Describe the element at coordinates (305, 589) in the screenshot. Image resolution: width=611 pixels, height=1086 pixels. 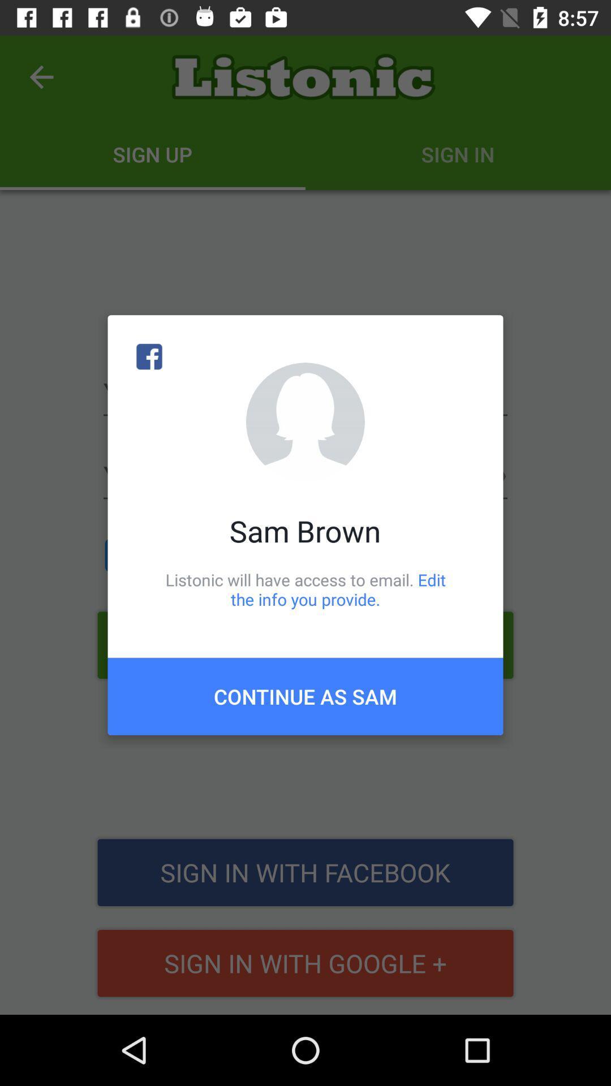
I see `the listonic will have` at that location.